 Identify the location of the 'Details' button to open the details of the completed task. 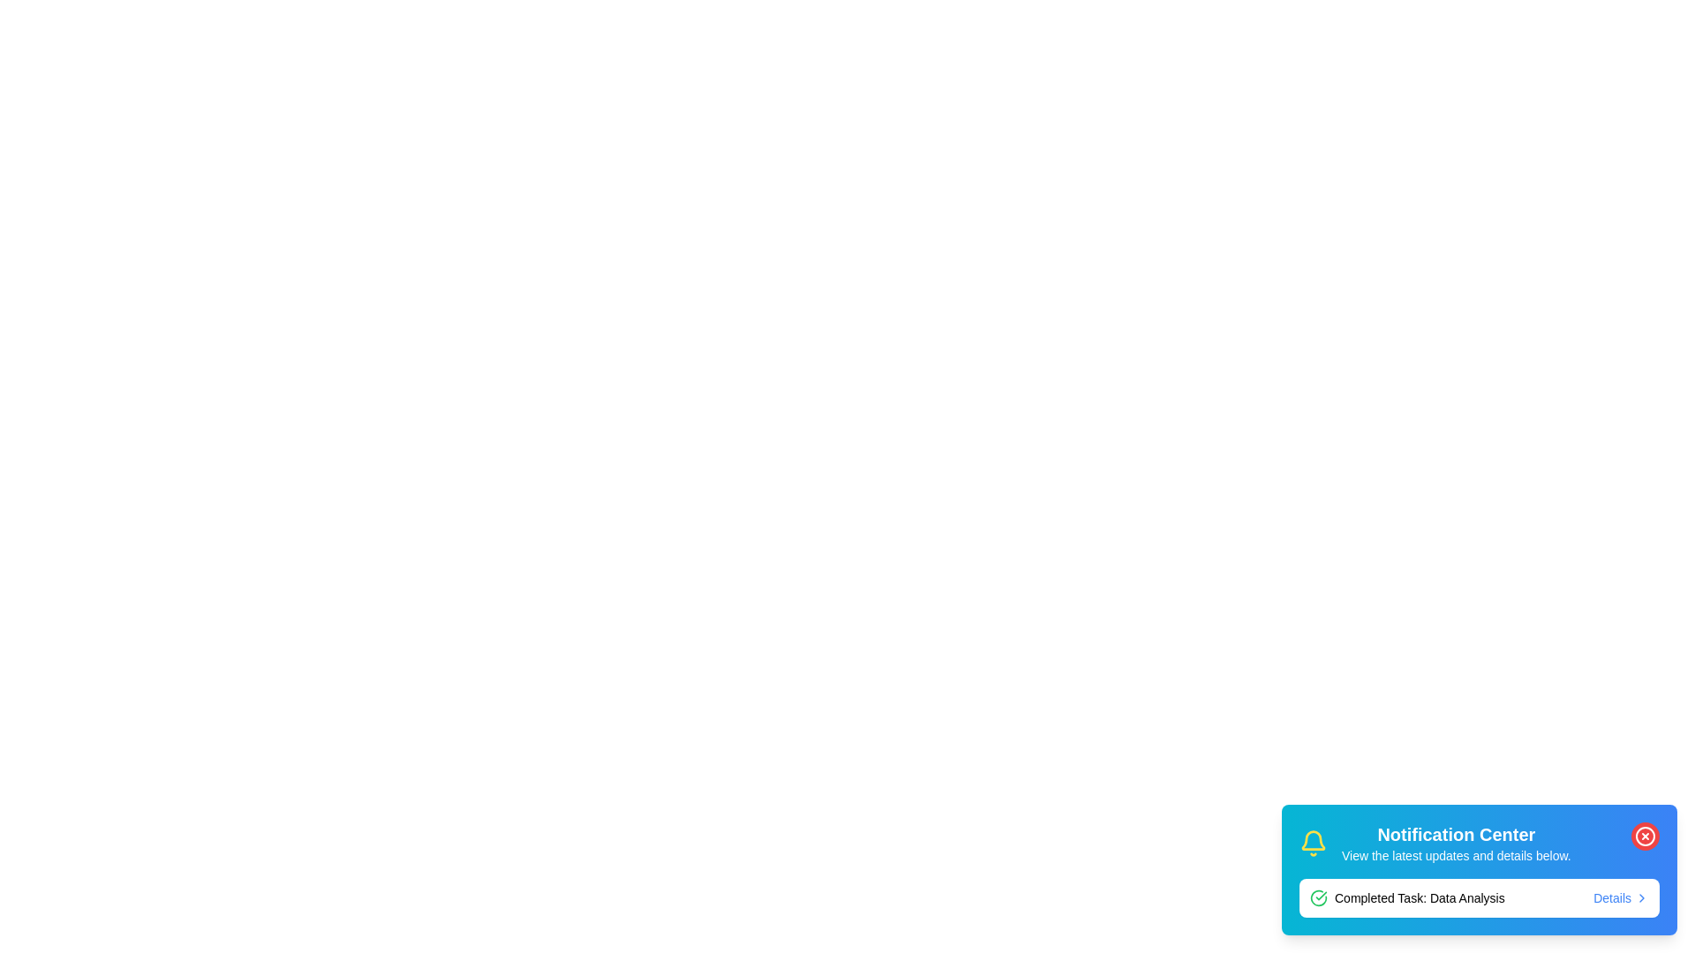
(1621, 898).